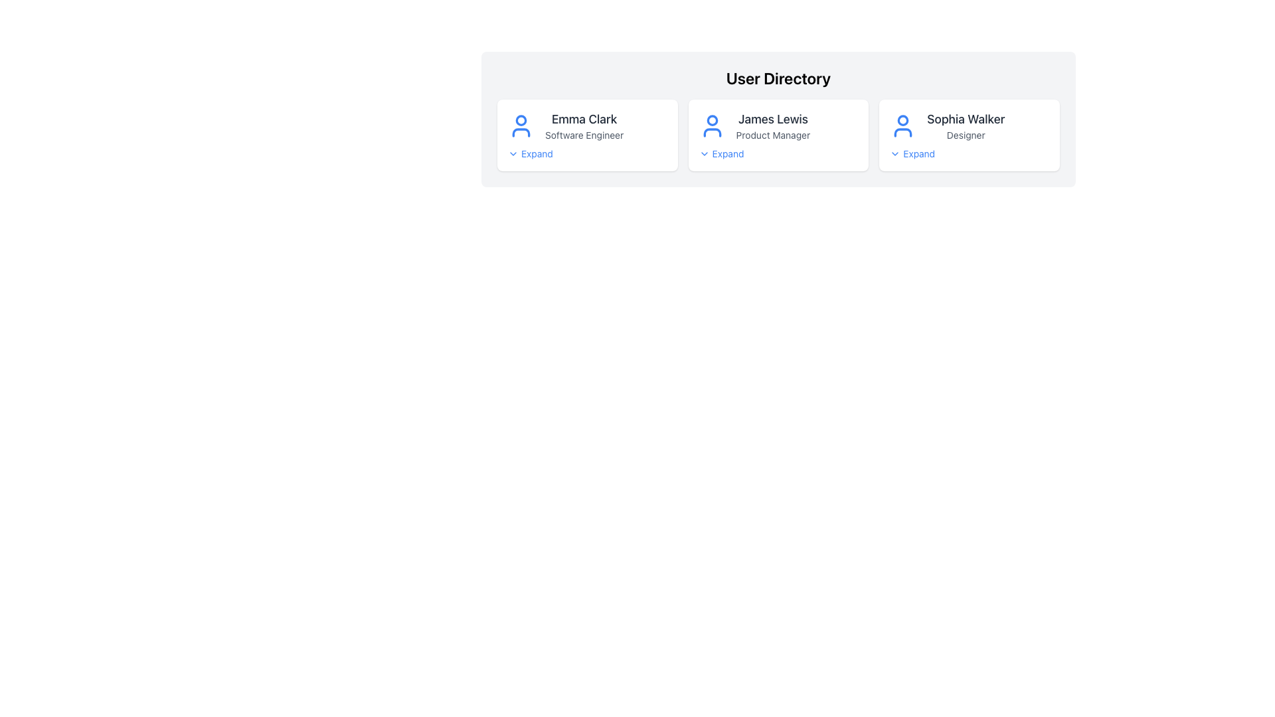 The image size is (1275, 717). What do you see at coordinates (912, 153) in the screenshot?
I see `the 'Expand' button located at the bottom left corner of the user information card for 'Sophia Walker'` at bounding box center [912, 153].